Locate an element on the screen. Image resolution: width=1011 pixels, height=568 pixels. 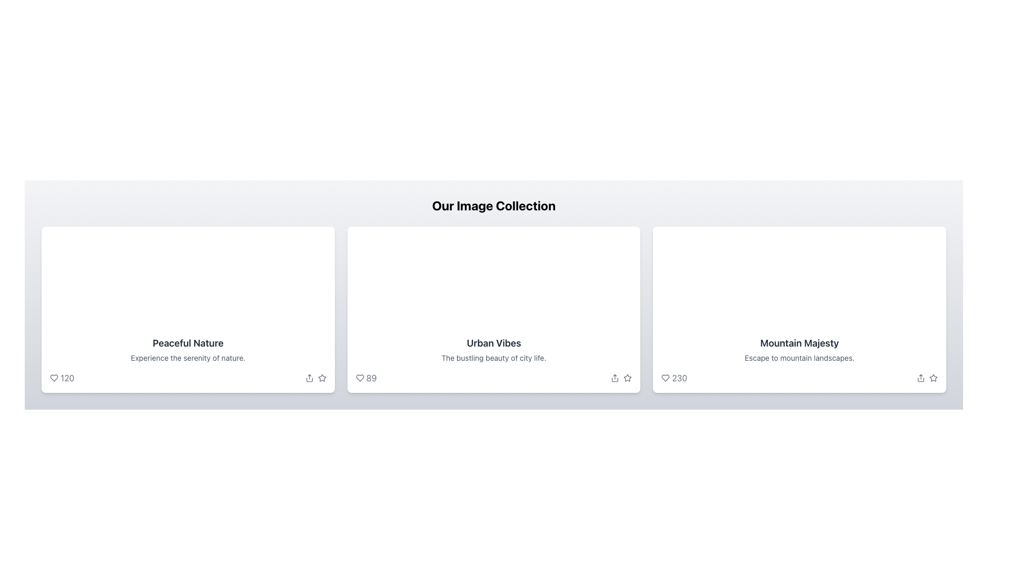
the background image area of the 'Peaceful Nature' card, which is positioned at the top of the card and spans the full width is located at coordinates (188, 277).